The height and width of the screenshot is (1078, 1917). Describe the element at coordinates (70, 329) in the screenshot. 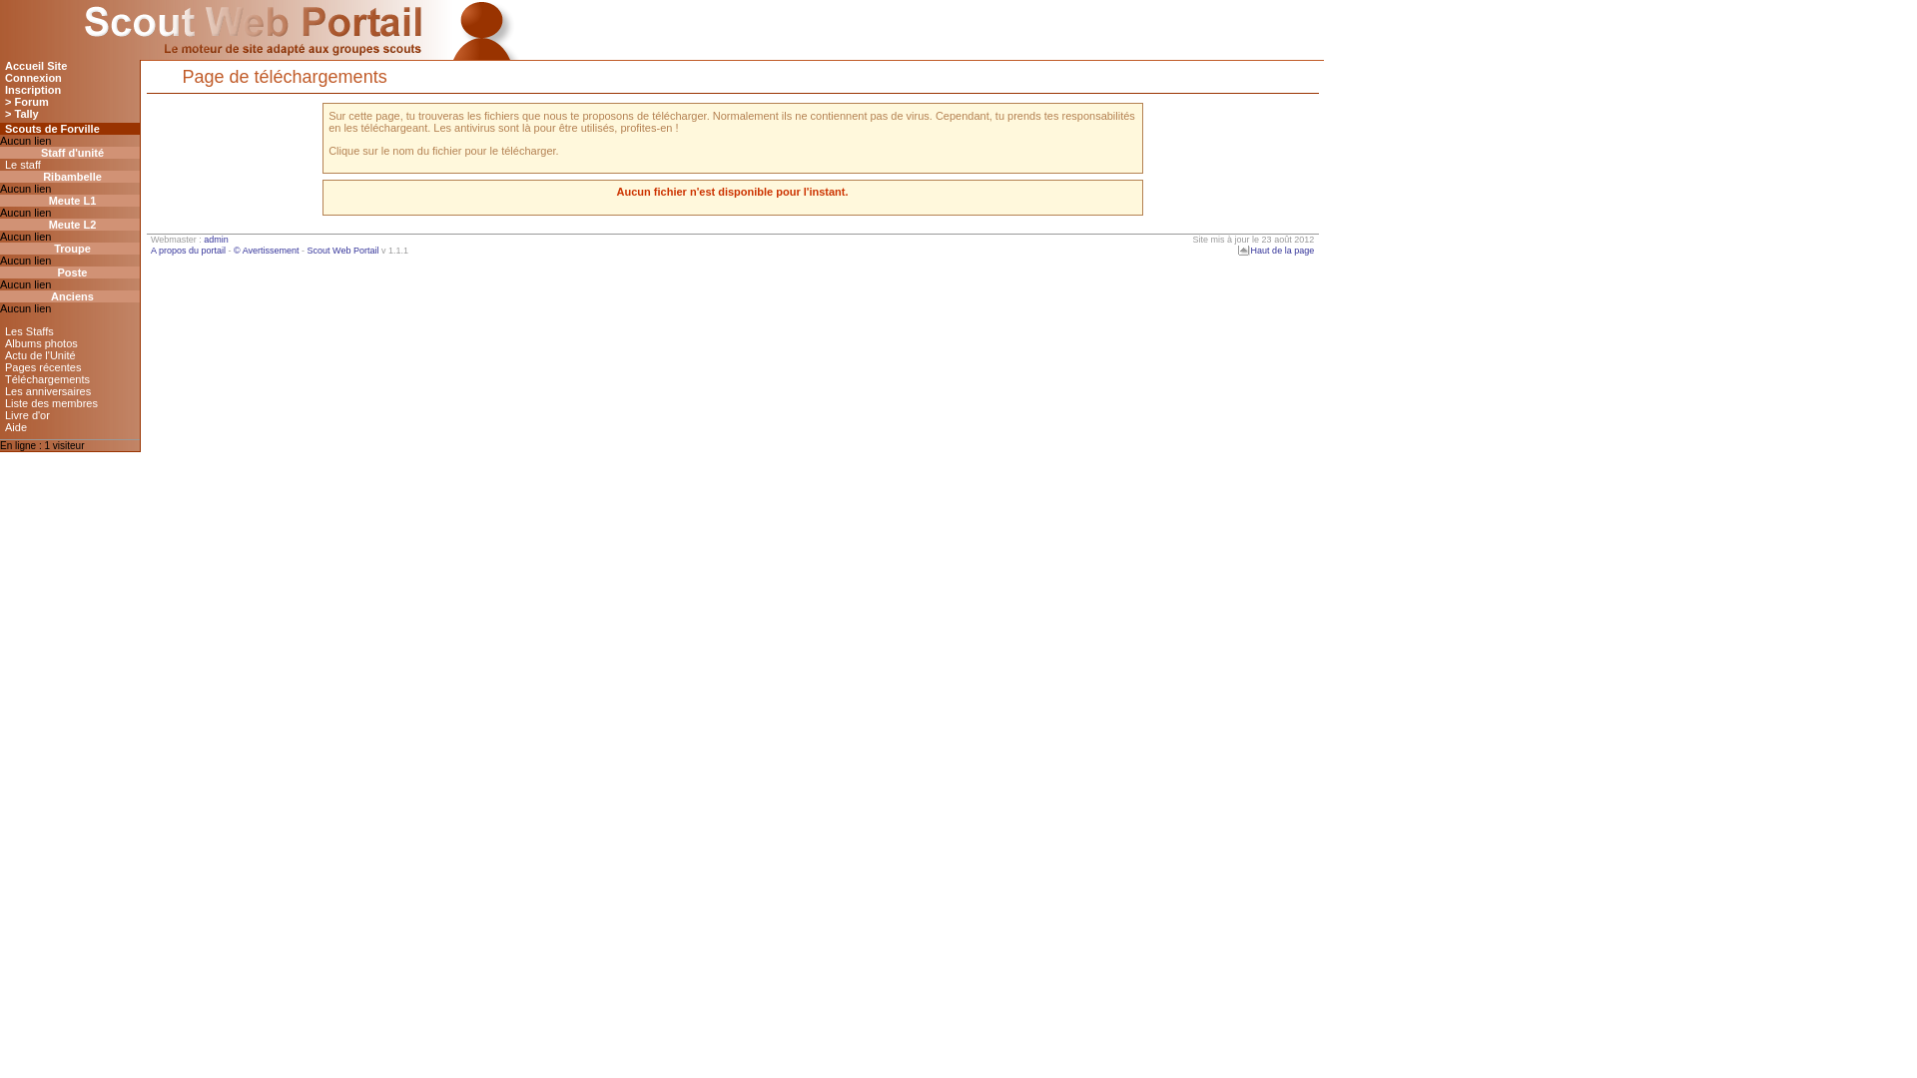

I see `'Les Staffs'` at that location.